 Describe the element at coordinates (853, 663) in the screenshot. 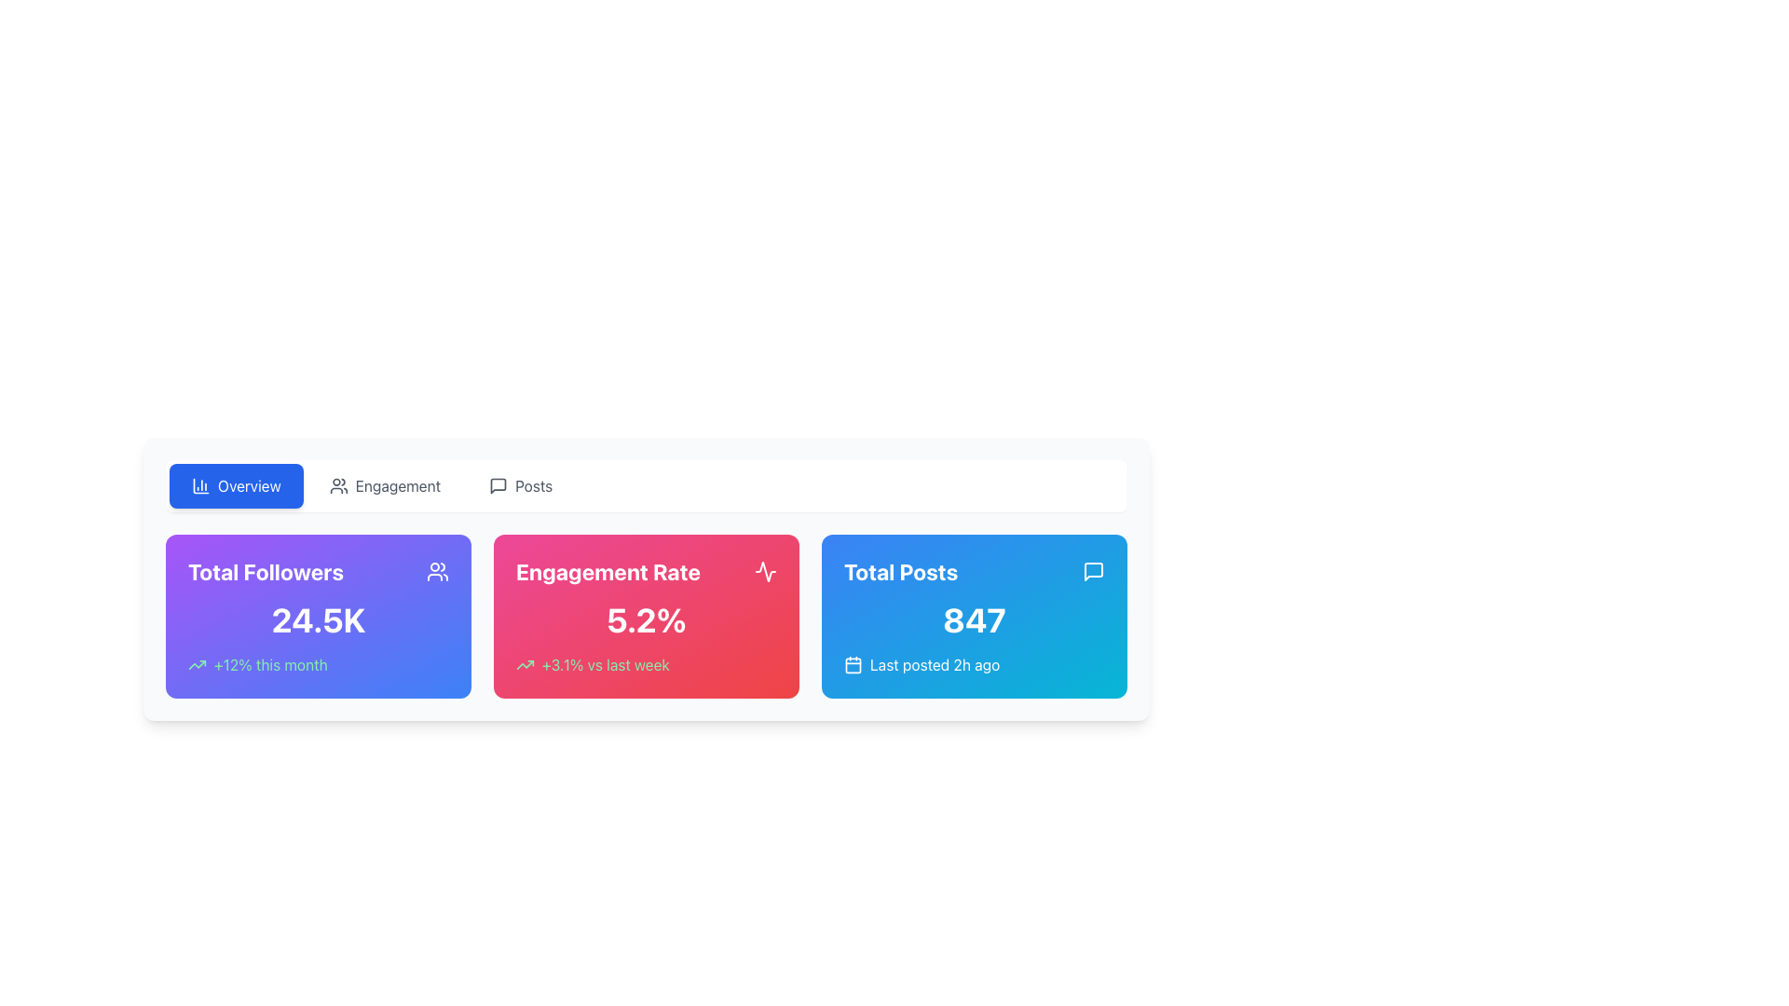

I see `the SVG graphical element with rounded rectangle properties located at the top-right corner of the panel showing metrics, adjacent to the post count section` at that location.